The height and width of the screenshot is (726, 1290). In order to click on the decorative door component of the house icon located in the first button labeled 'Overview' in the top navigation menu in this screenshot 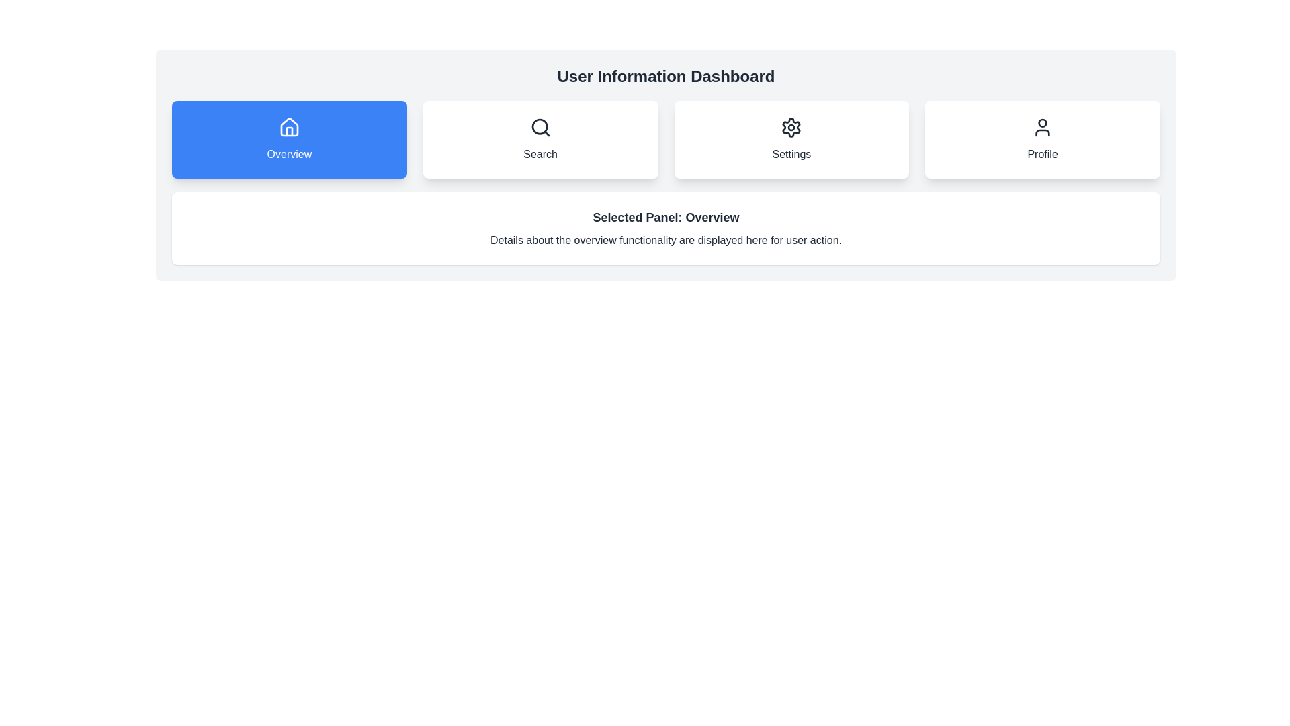, I will do `click(288, 132)`.